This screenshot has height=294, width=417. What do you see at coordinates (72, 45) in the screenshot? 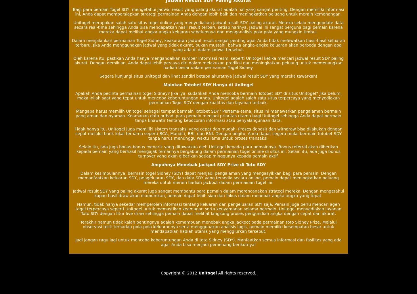
I see `'Dalam menjalankan permainan Togel Sidney, keakuratan jadwal result sangat penting agar Anda tidak melewatkan hasil-hasil keluaran terbaru. Jika Anda menggunakan jadwal yang tidak akurat, bukan mustahil bahwa angka-angka keluaran akan berbeda dengan apa yang ada di dalam jadwal tersebut.'` at bounding box center [72, 45].